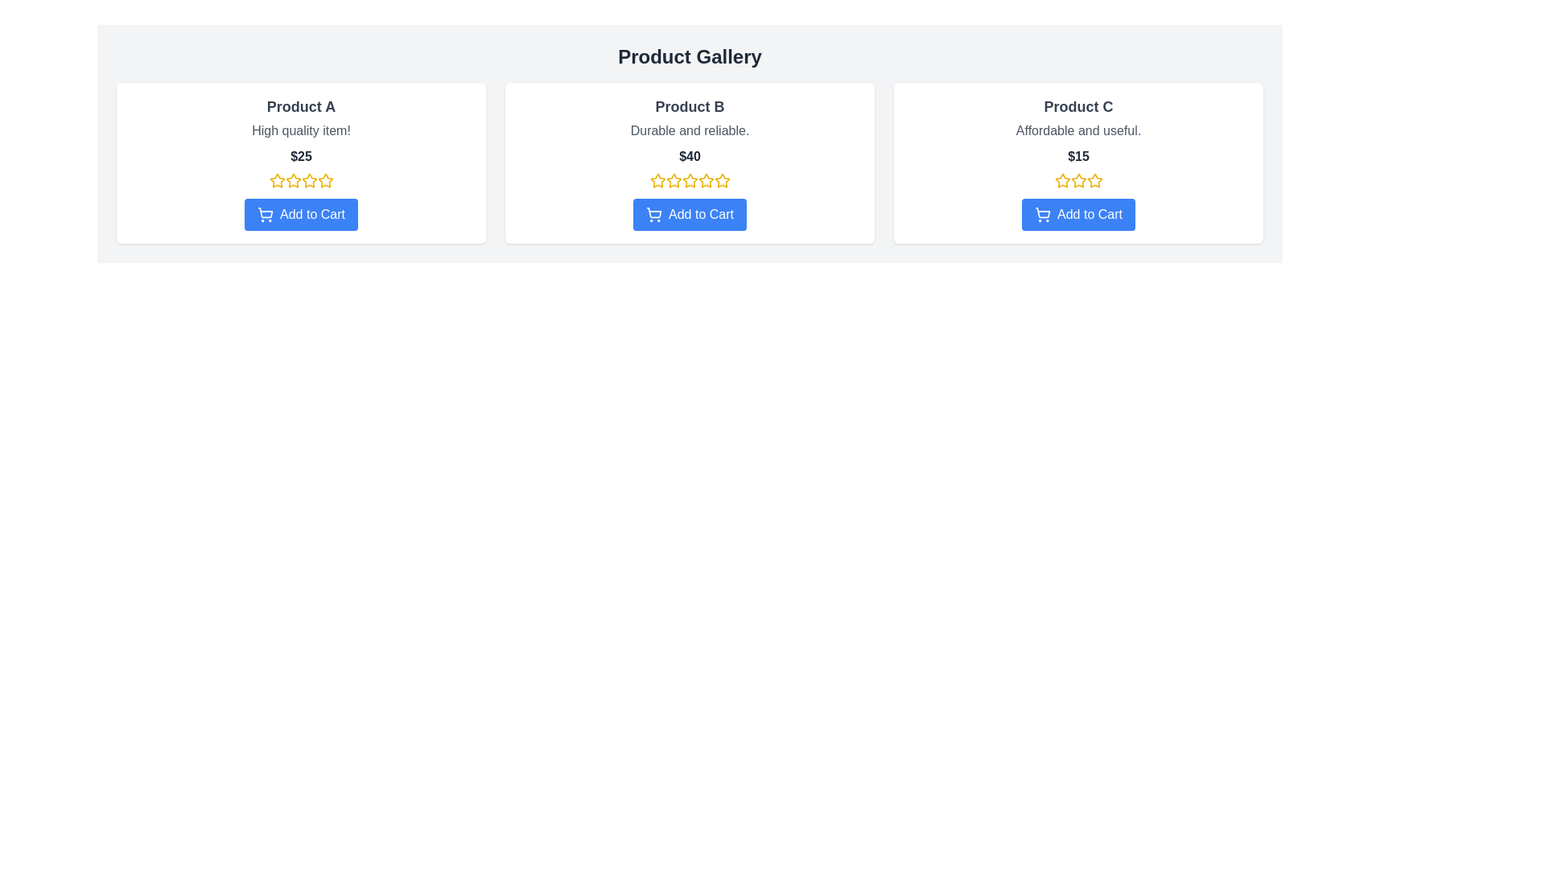 This screenshot has width=1545, height=869. Describe the element at coordinates (690, 130) in the screenshot. I see `the static text element that provides a brief highlight of the features of 'Product B', located in the center product card under the 'Product Gallery' section, directly below the title 'Product B' and above the price label '$40'` at that location.